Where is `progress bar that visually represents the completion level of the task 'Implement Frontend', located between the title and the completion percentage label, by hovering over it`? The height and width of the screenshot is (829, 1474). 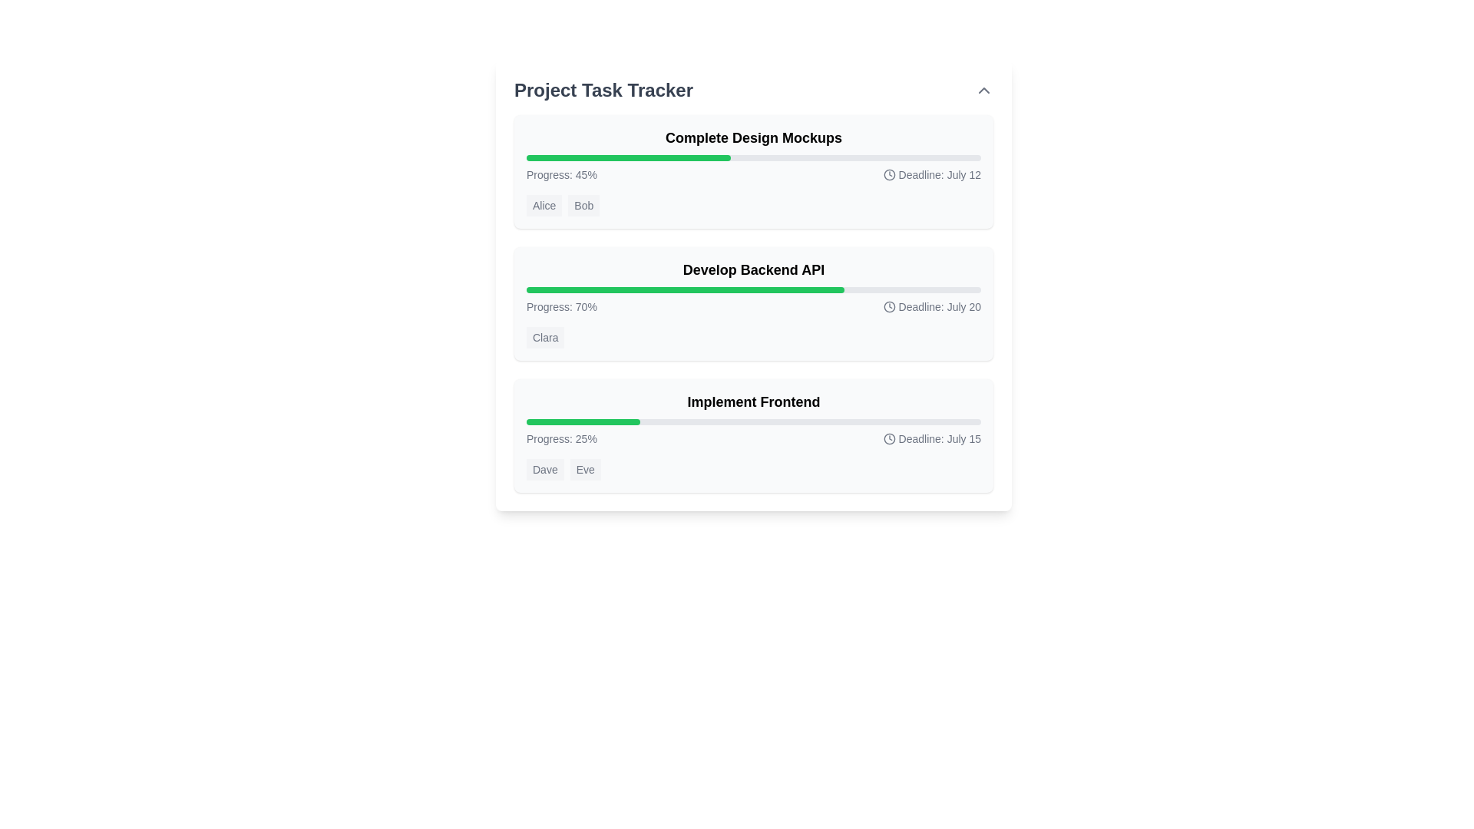
progress bar that visually represents the completion level of the task 'Implement Frontend', located between the title and the completion percentage label, by hovering over it is located at coordinates (754, 422).